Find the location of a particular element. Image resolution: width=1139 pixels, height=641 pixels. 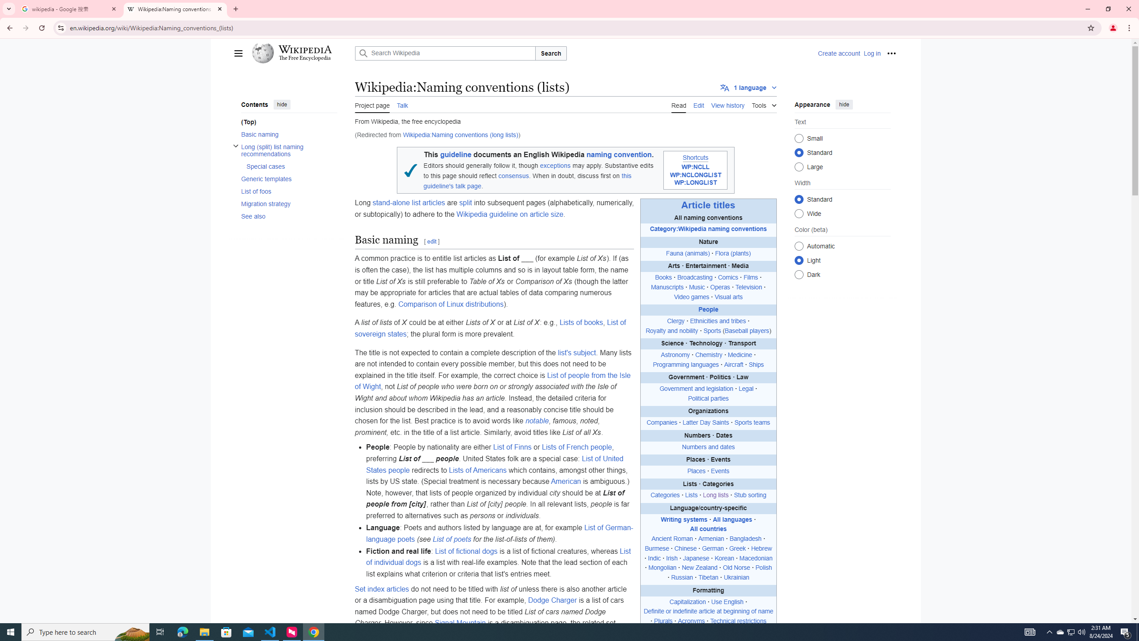

'WP:LONGLIST' is located at coordinates (695, 183).